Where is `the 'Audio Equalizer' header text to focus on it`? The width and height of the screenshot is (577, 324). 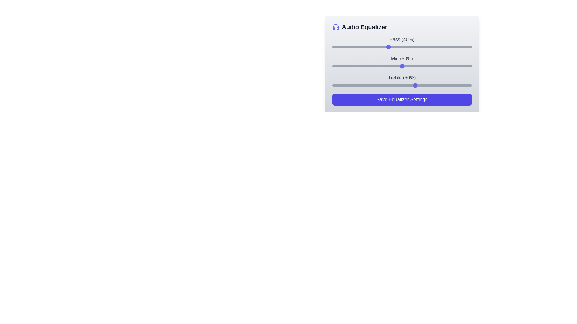 the 'Audio Equalizer' header text to focus on it is located at coordinates (364, 26).